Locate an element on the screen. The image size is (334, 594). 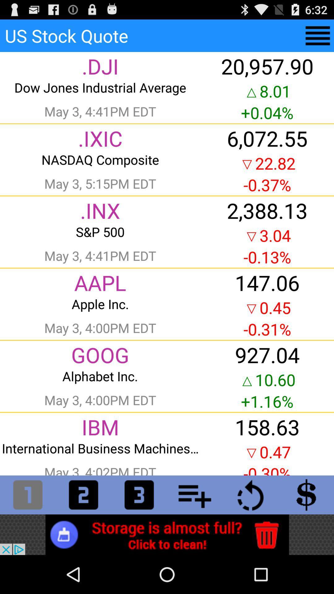
show page 1 is located at coordinates (27, 494).